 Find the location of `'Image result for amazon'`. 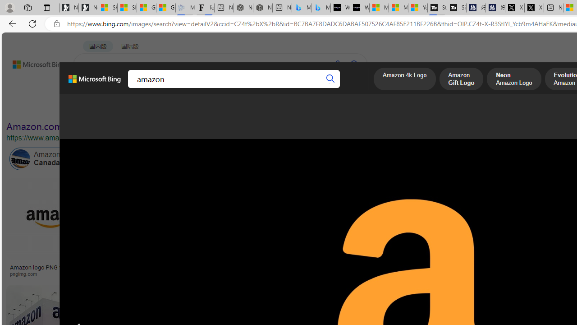

'Image result for amazon' is located at coordinates (407, 219).